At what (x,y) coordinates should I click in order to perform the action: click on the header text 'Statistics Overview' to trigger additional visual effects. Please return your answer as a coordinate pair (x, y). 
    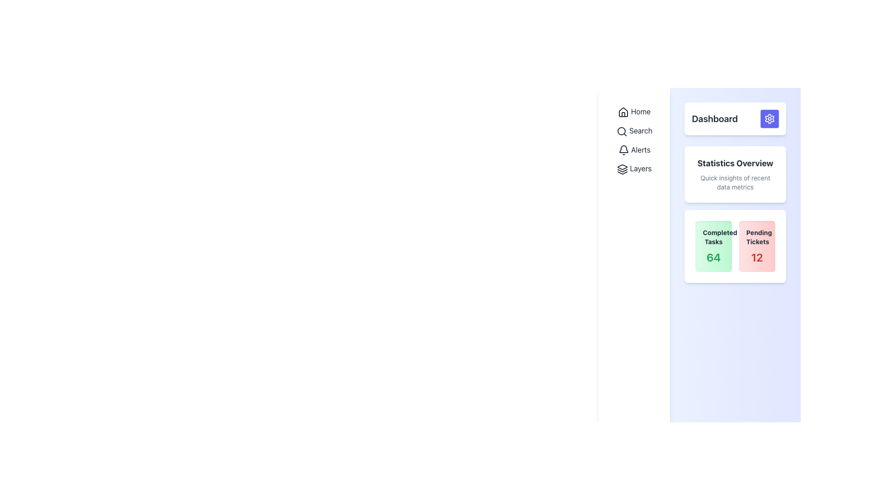
    Looking at the image, I should click on (735, 163).